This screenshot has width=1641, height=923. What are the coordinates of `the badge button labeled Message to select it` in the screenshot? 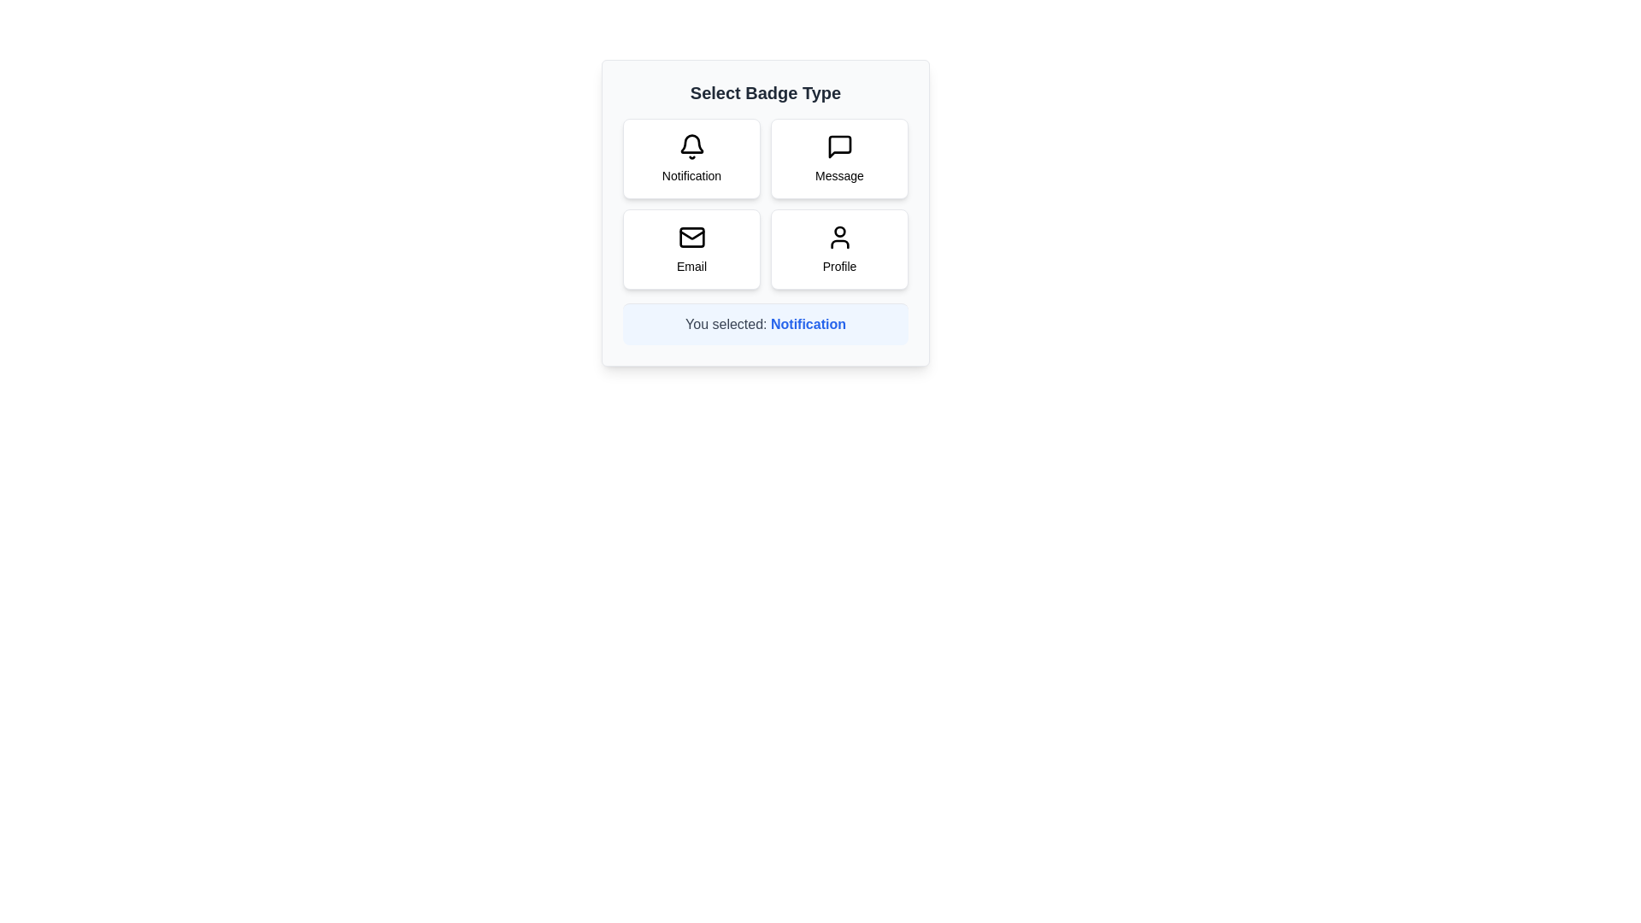 It's located at (839, 158).